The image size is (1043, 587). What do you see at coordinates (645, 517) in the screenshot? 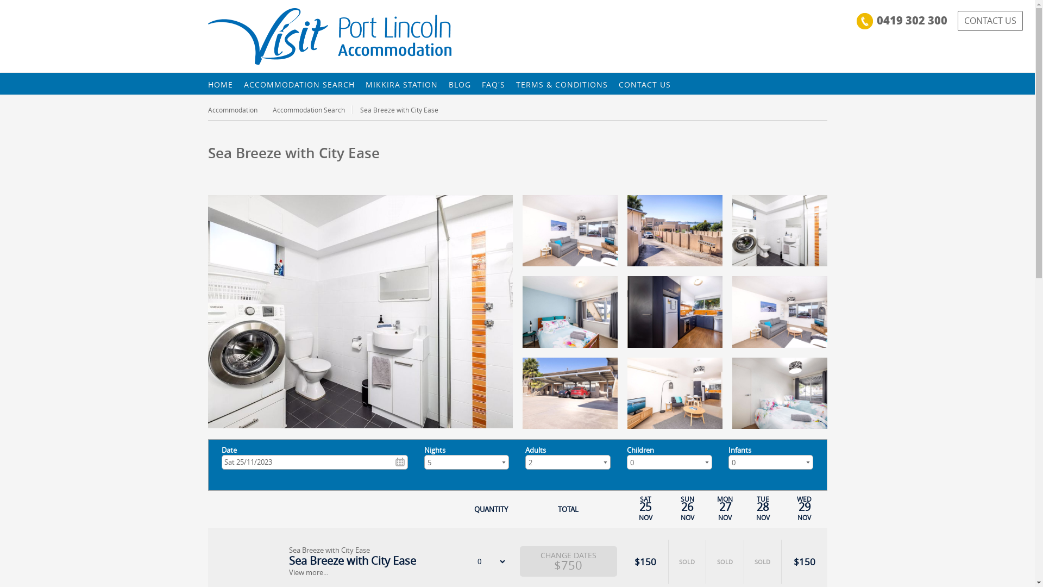
I see `'NOV'` at bounding box center [645, 517].